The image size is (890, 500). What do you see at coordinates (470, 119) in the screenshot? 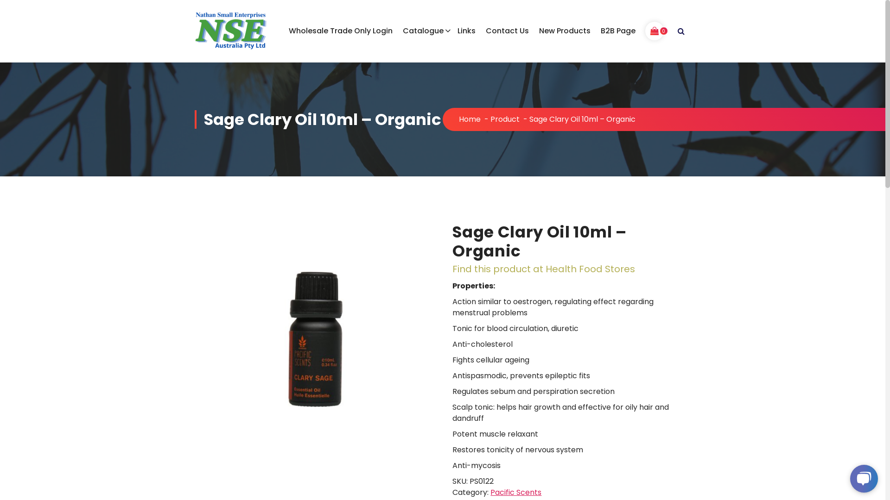
I see `'Home'` at bounding box center [470, 119].